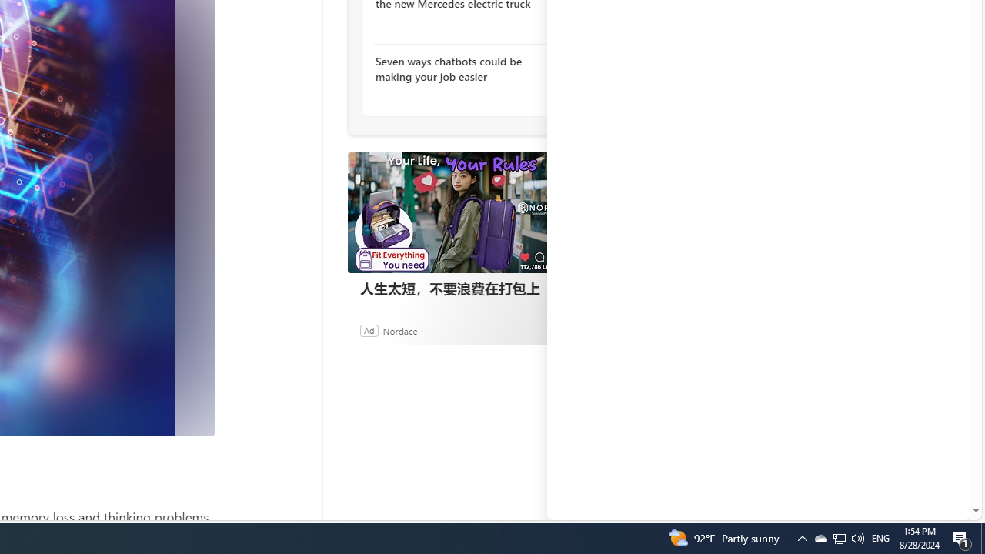  I want to click on 'Seven ways chatbots could be making your job easier', so click(458, 68).